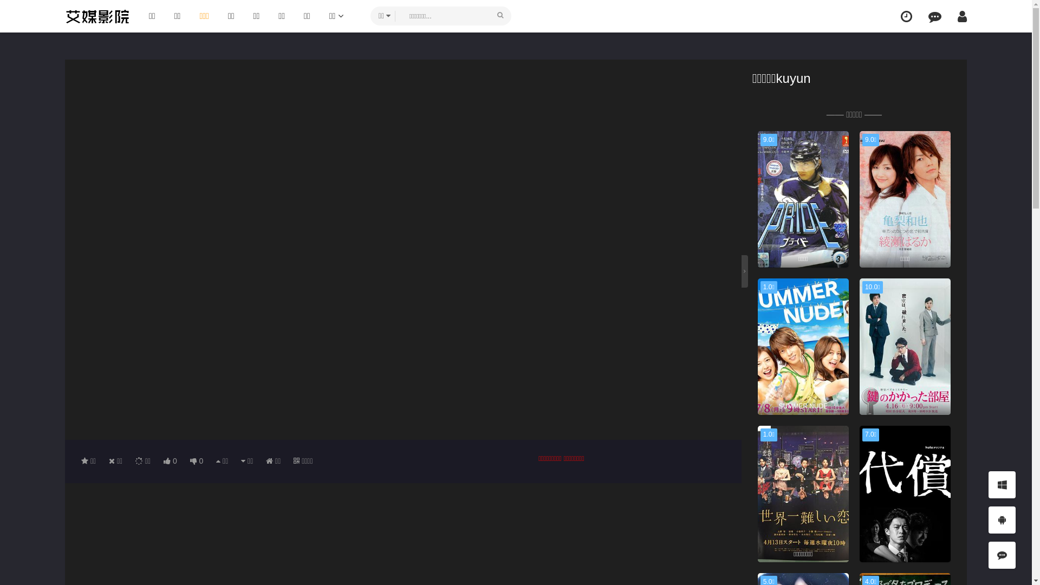 This screenshot has width=1040, height=585. Describe the element at coordinates (197, 461) in the screenshot. I see `'0'` at that location.